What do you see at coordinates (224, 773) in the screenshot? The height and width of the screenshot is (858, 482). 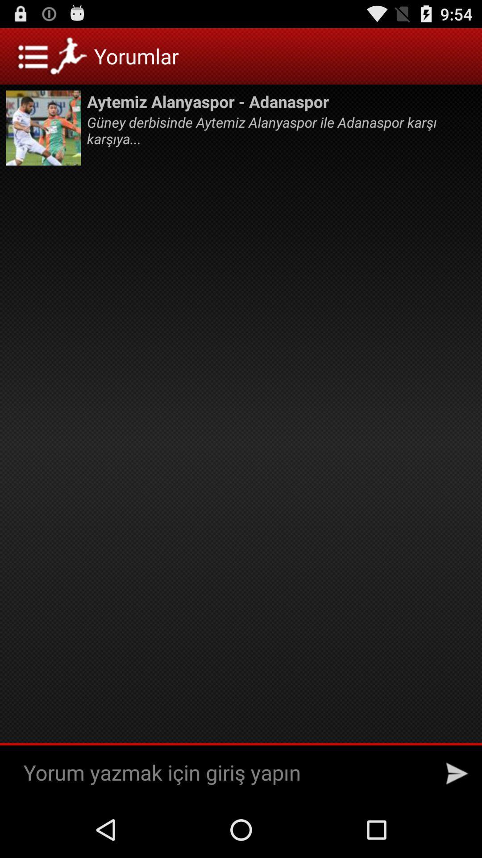 I see `write/comment area` at bounding box center [224, 773].